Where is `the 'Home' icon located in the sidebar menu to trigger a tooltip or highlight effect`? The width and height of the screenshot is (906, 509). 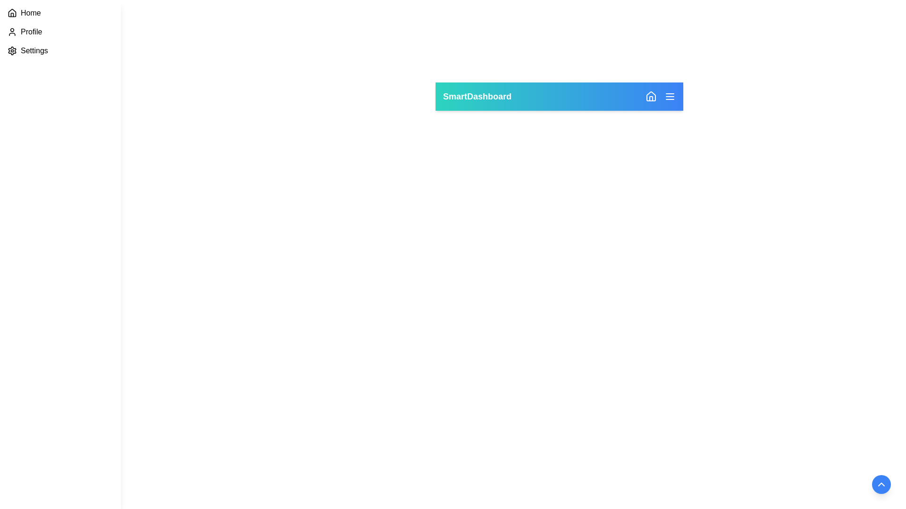
the 'Home' icon located in the sidebar menu to trigger a tooltip or highlight effect is located at coordinates (12, 13).